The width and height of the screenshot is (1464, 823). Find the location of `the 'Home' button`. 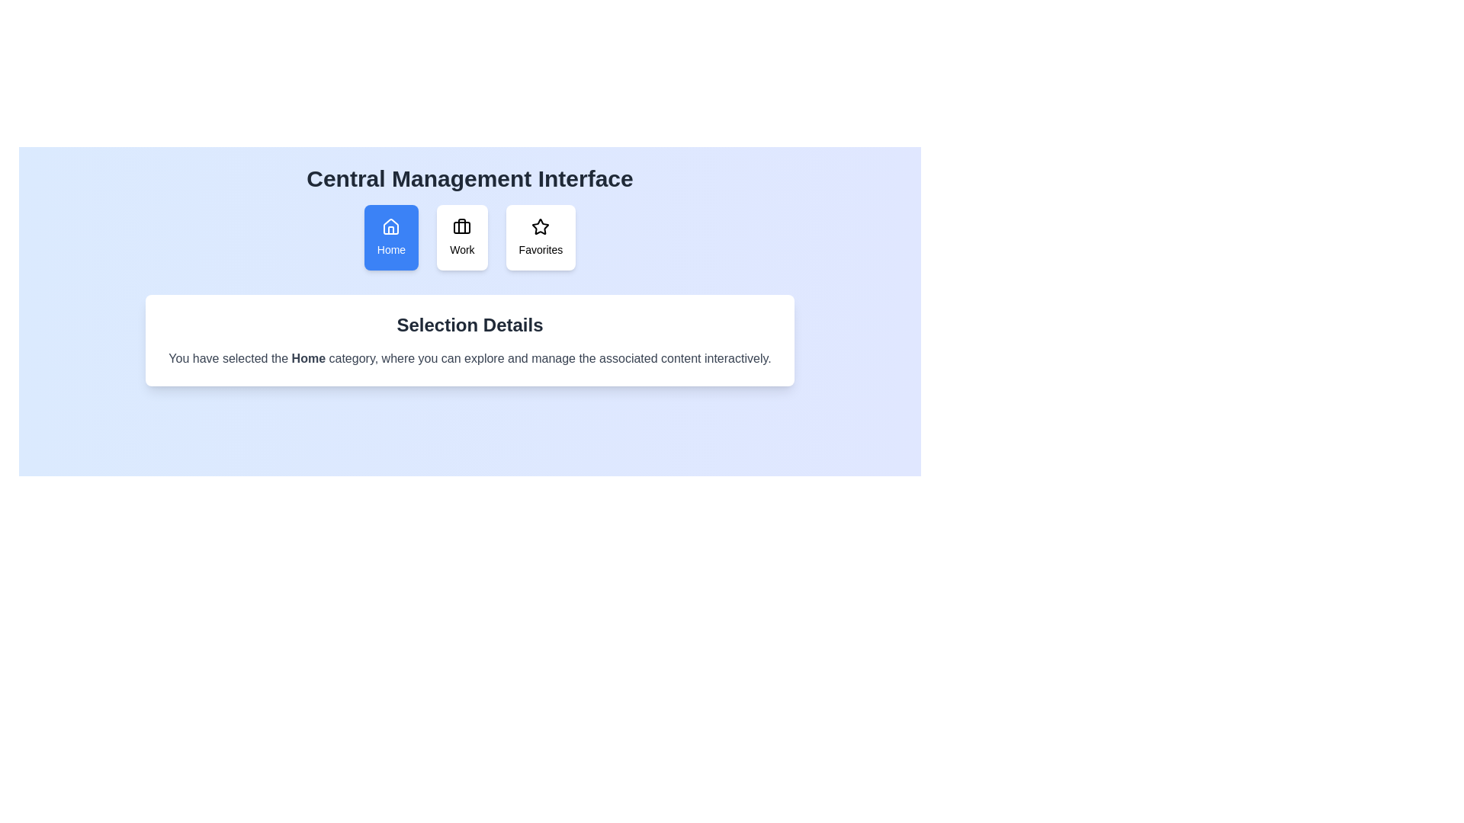

the 'Home' button is located at coordinates (391, 238).